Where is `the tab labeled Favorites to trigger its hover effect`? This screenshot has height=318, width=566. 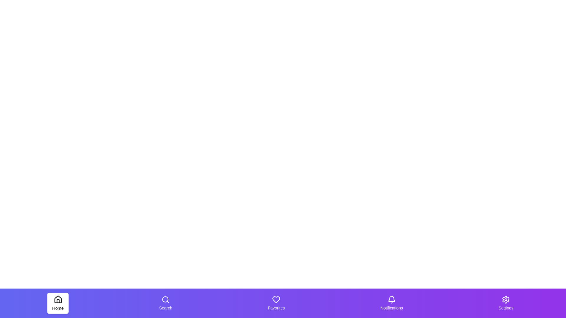
the tab labeled Favorites to trigger its hover effect is located at coordinates (276, 303).